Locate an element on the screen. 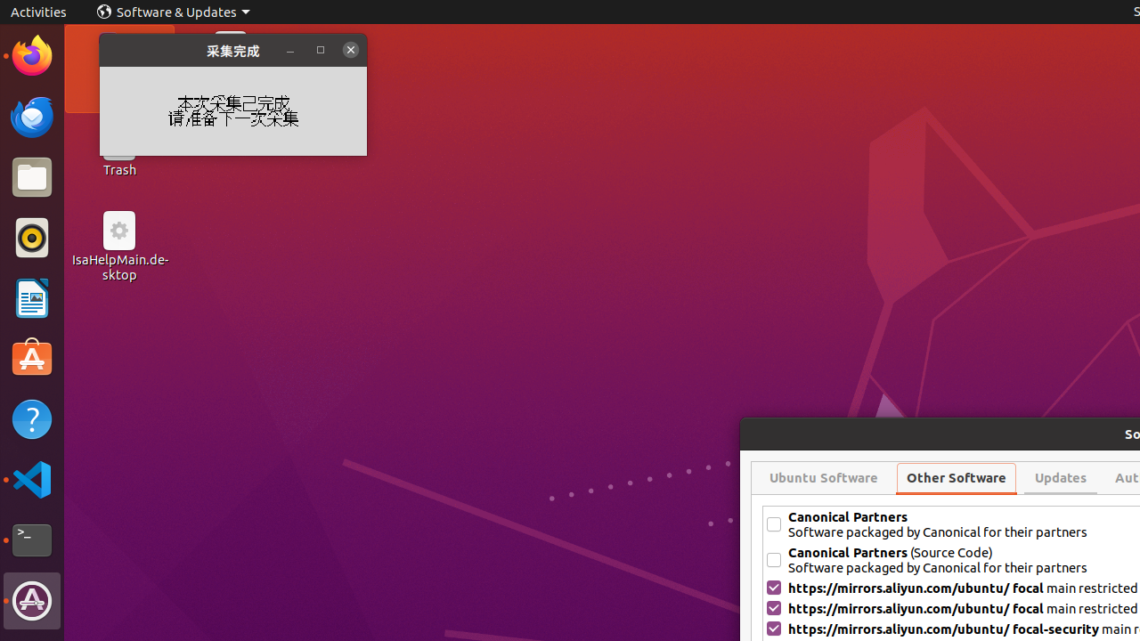 The image size is (1140, 641). 'Other Software' is located at coordinates (956, 476).